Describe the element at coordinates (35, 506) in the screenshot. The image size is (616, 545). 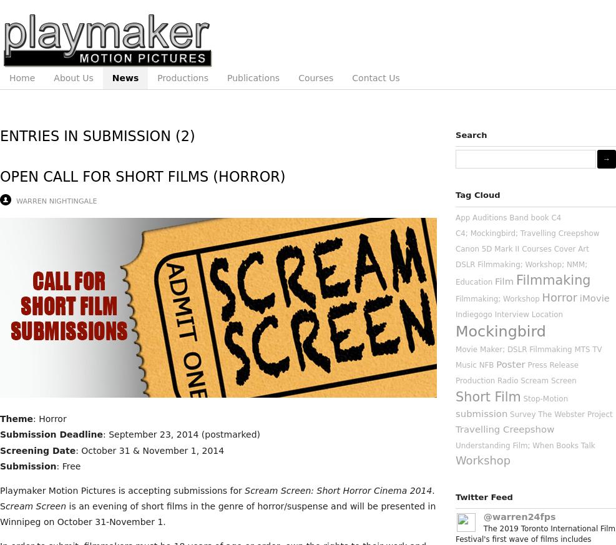
I see `'cream Screen'` at that location.